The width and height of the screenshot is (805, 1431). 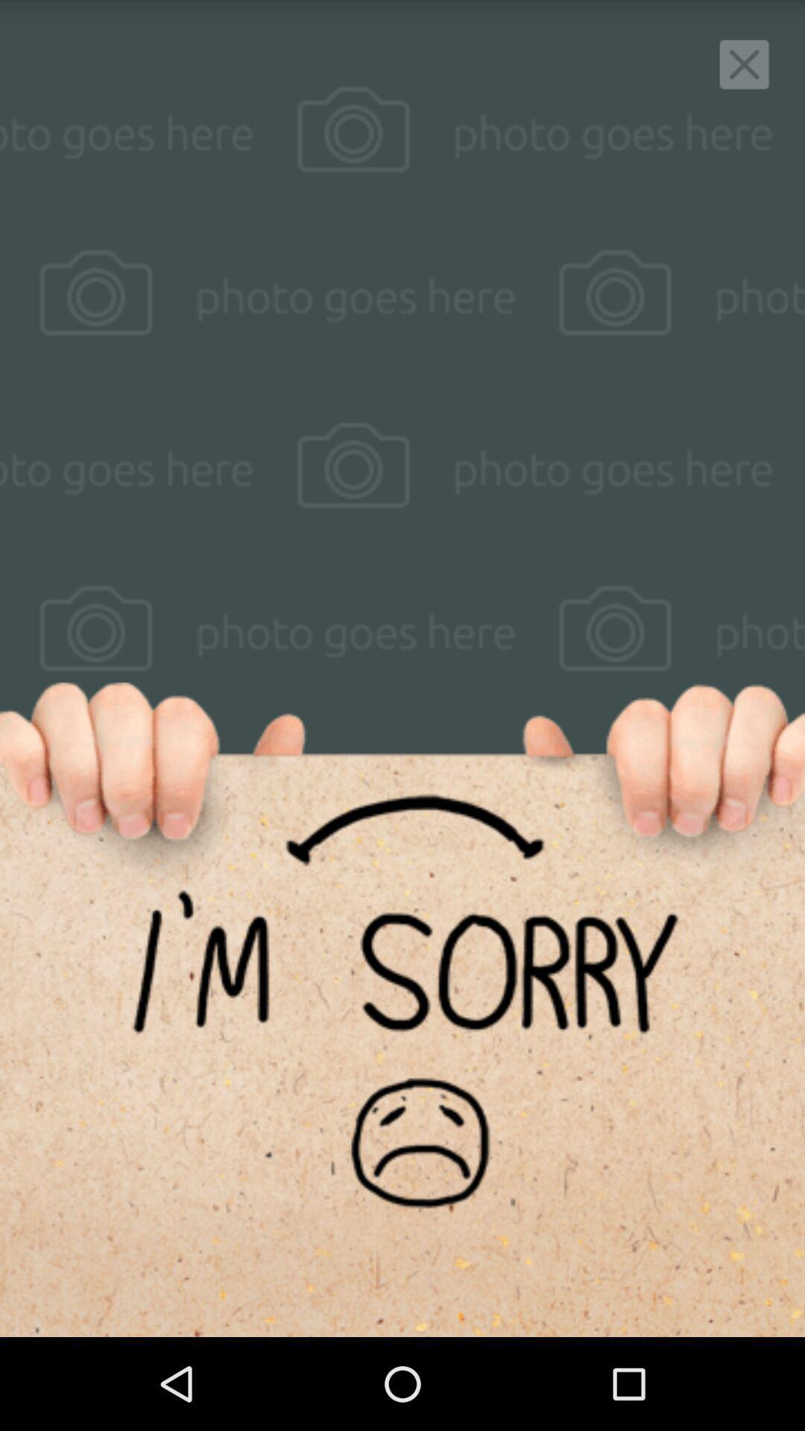 I want to click on close oppsens, so click(x=744, y=63).